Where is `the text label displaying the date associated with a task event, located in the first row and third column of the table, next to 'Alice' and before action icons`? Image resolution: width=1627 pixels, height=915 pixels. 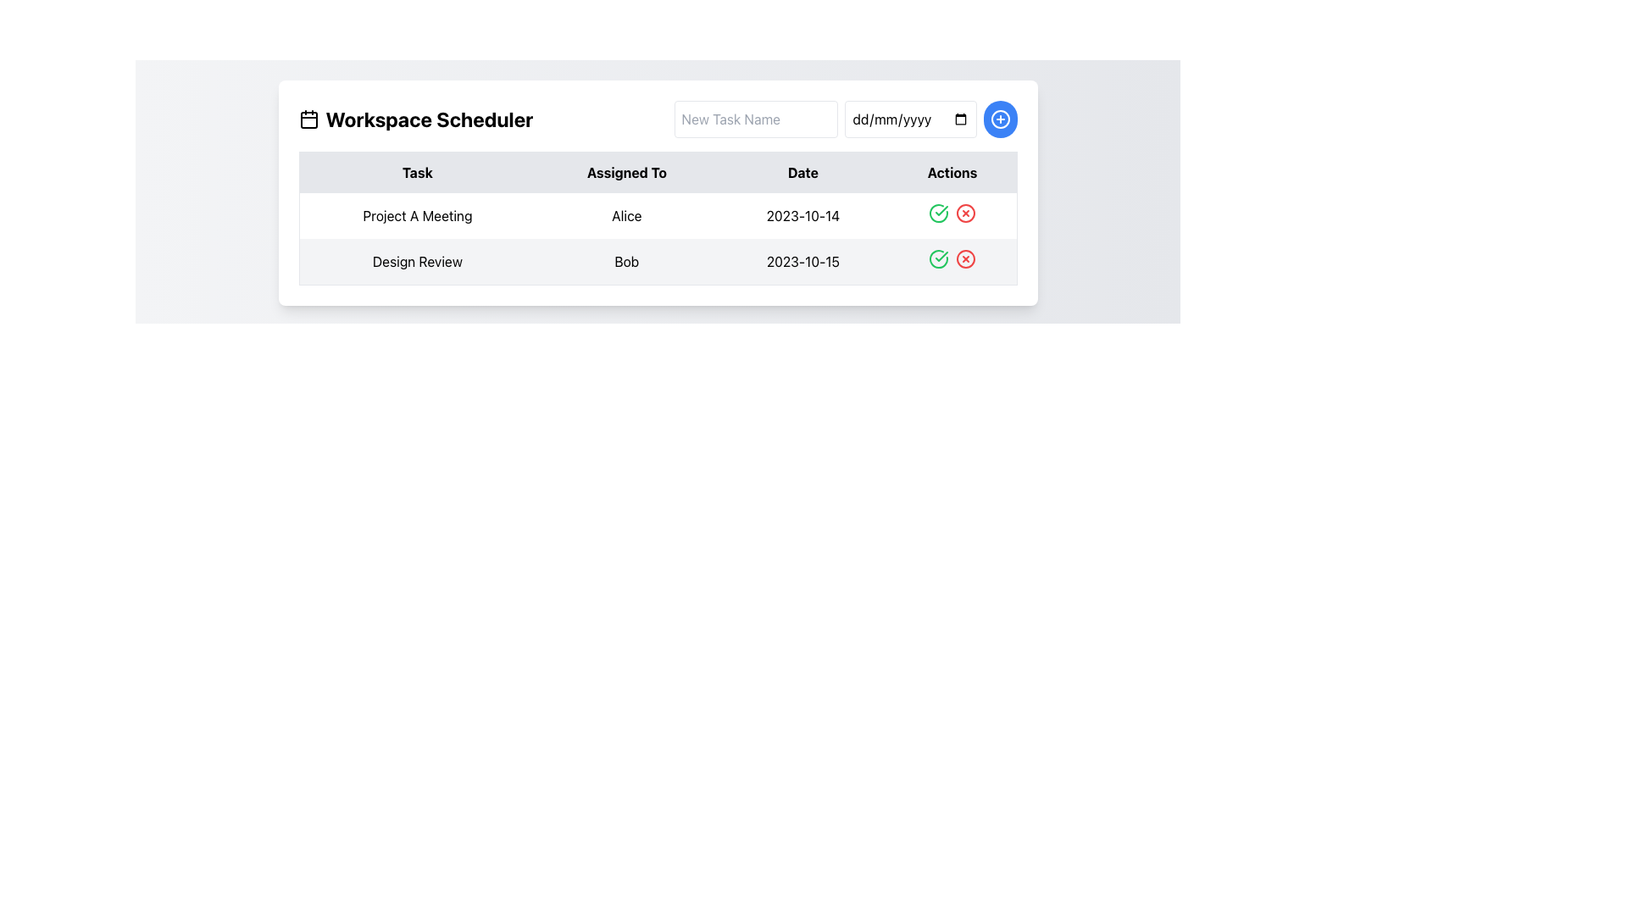 the text label displaying the date associated with a task event, located in the first row and third column of the table, next to 'Alice' and before action icons is located at coordinates (802, 214).